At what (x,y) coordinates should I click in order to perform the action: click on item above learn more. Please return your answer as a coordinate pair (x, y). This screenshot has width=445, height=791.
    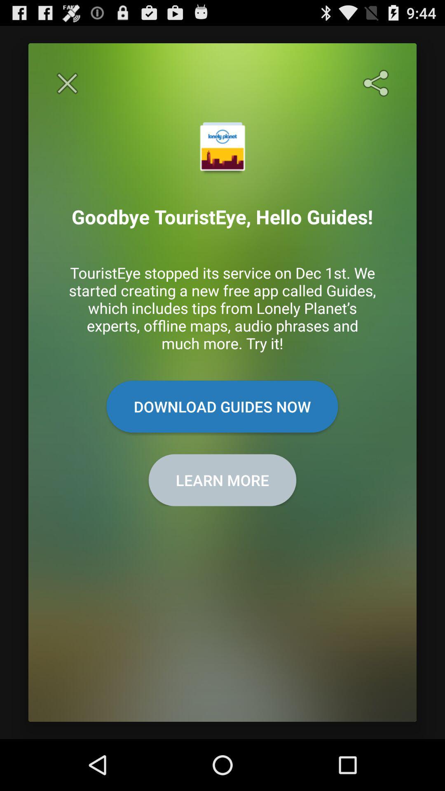
    Looking at the image, I should click on (222, 407).